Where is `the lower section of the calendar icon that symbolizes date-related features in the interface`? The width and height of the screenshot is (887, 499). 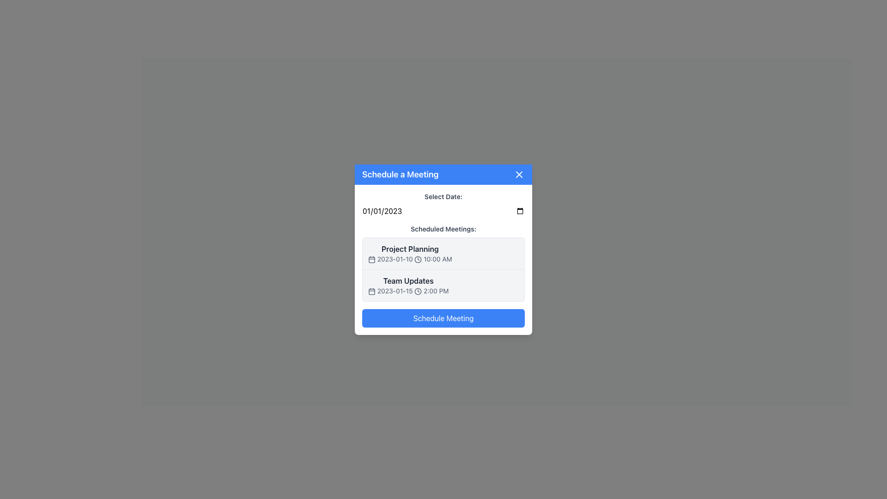 the lower section of the calendar icon that symbolizes date-related features in the interface is located at coordinates (372, 292).